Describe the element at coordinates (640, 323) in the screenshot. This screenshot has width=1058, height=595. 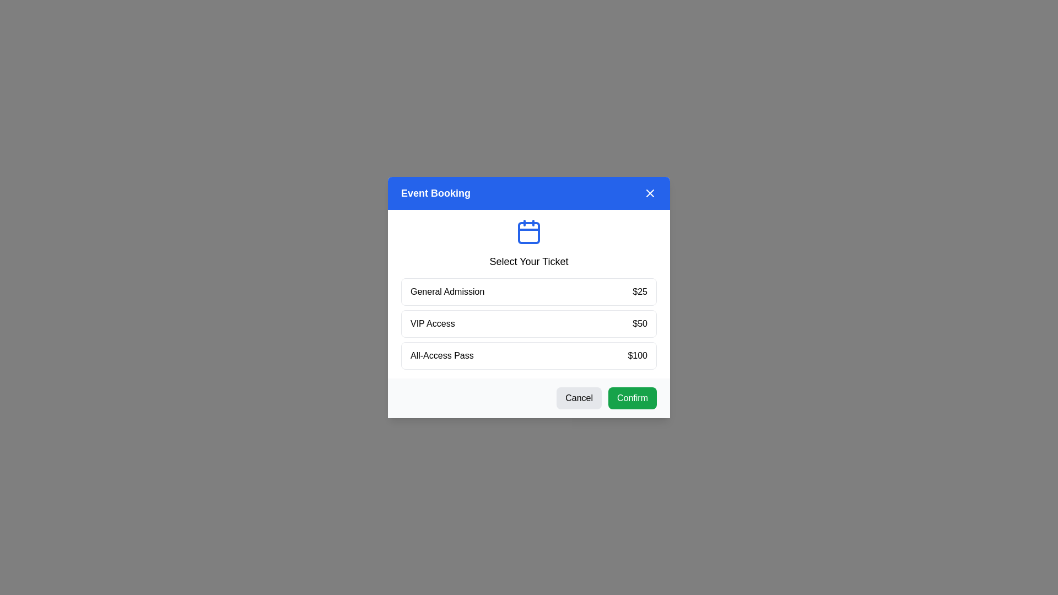
I see `the Static Text displaying the price "$50", which is located to the right of the text "VIP Access" in the second row of the ticket selection menu` at that location.